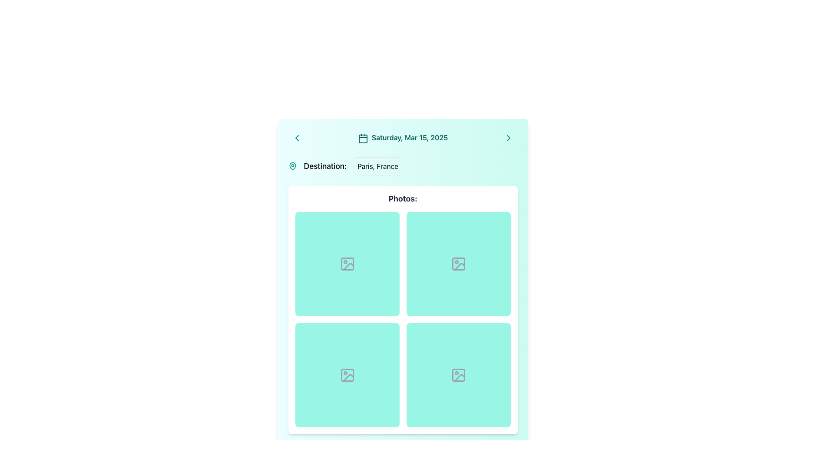  Describe the element at coordinates (458, 264) in the screenshot. I see `the light gray image icon located in the top row, second column of the 2x2 grid layout within the photo display section` at that location.